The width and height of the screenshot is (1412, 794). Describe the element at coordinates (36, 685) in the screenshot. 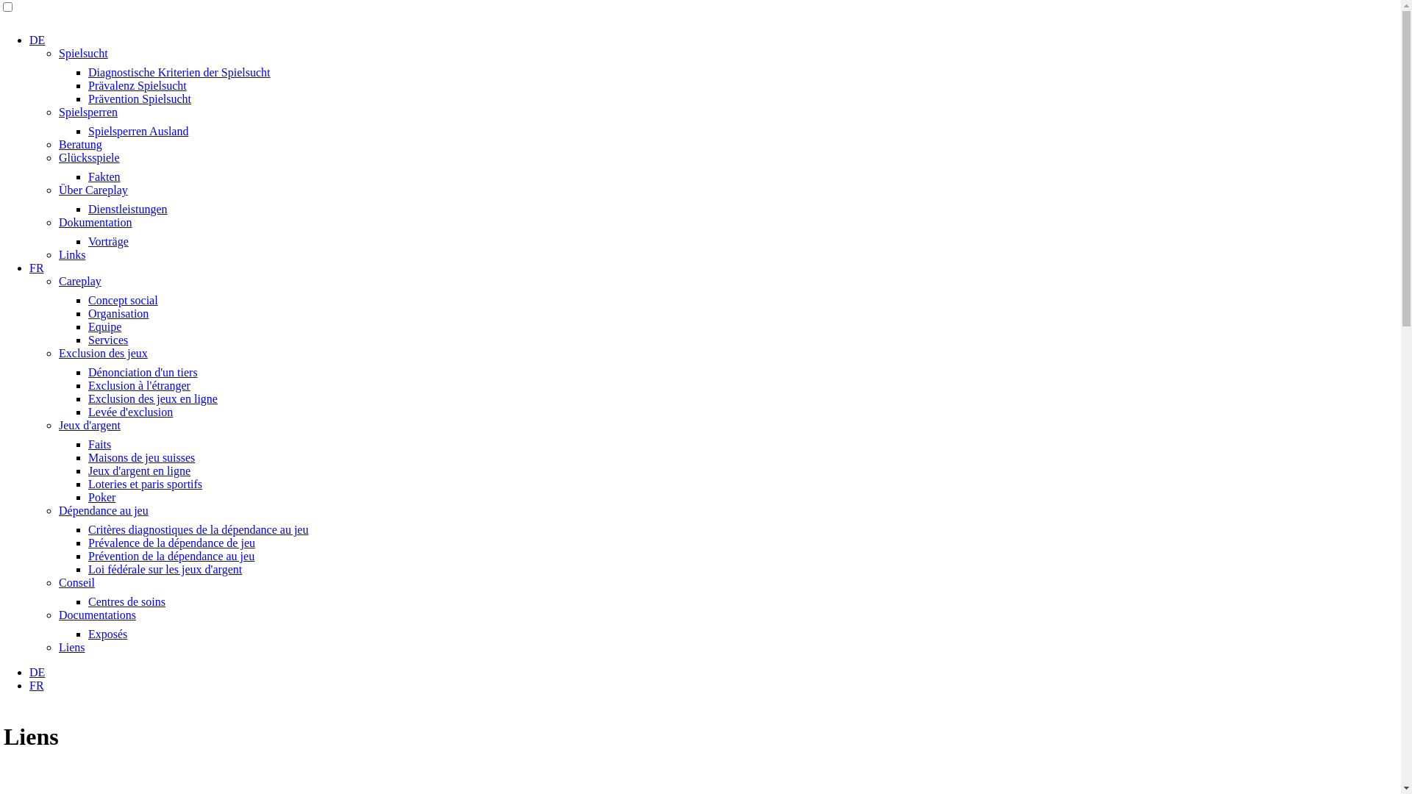

I see `'FR'` at that location.